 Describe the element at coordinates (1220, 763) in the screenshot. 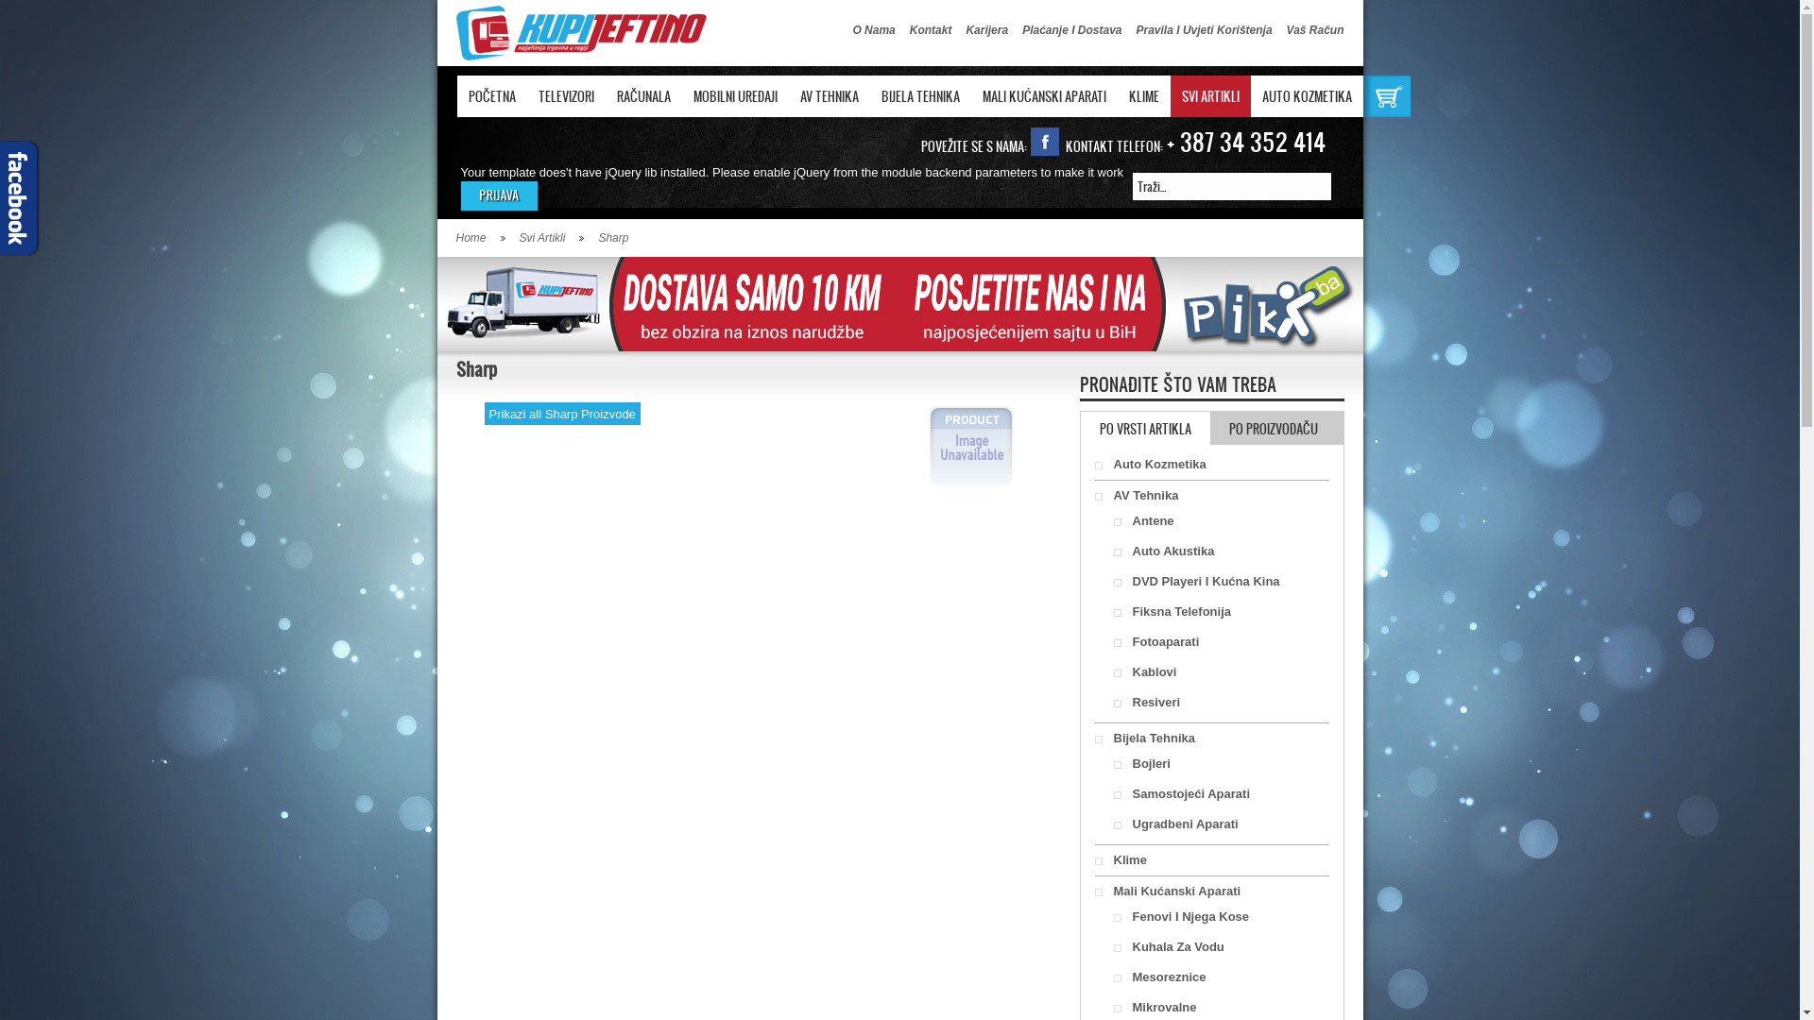

I see `'Bojleri'` at that location.